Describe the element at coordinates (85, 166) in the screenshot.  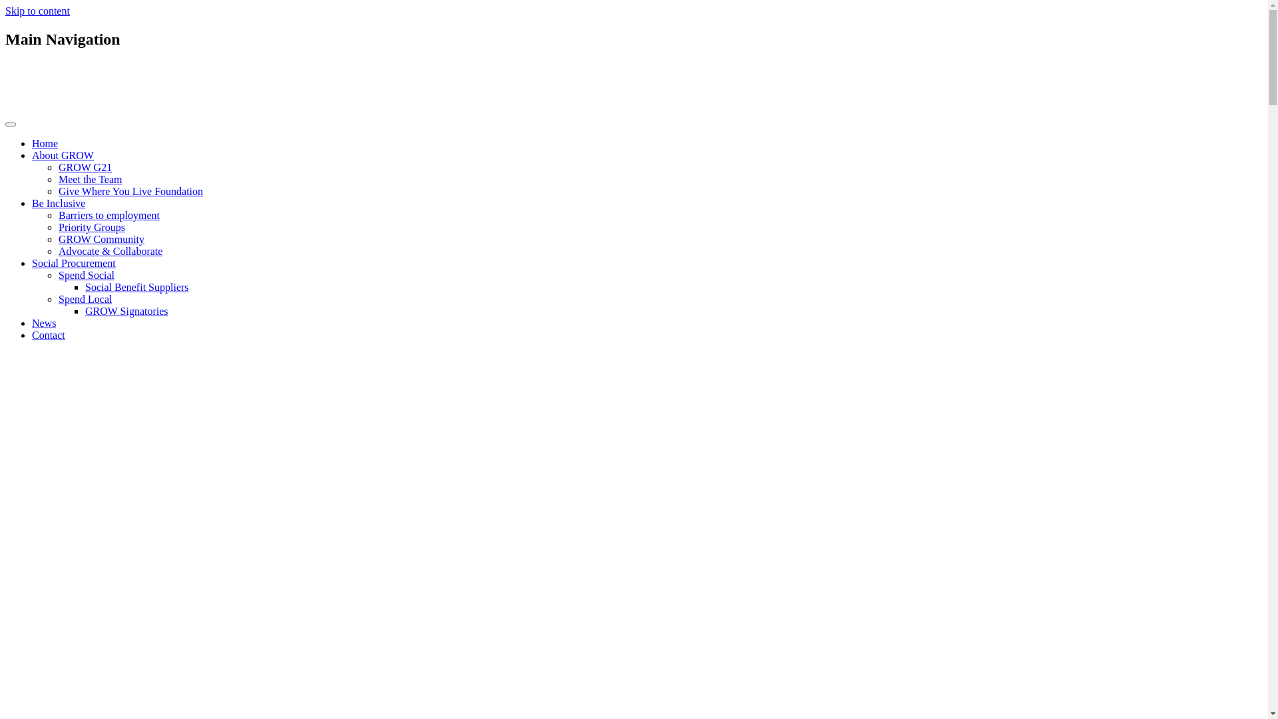
I see `'GROW G21'` at that location.